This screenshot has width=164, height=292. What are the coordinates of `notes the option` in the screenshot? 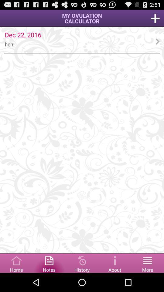 It's located at (49, 262).